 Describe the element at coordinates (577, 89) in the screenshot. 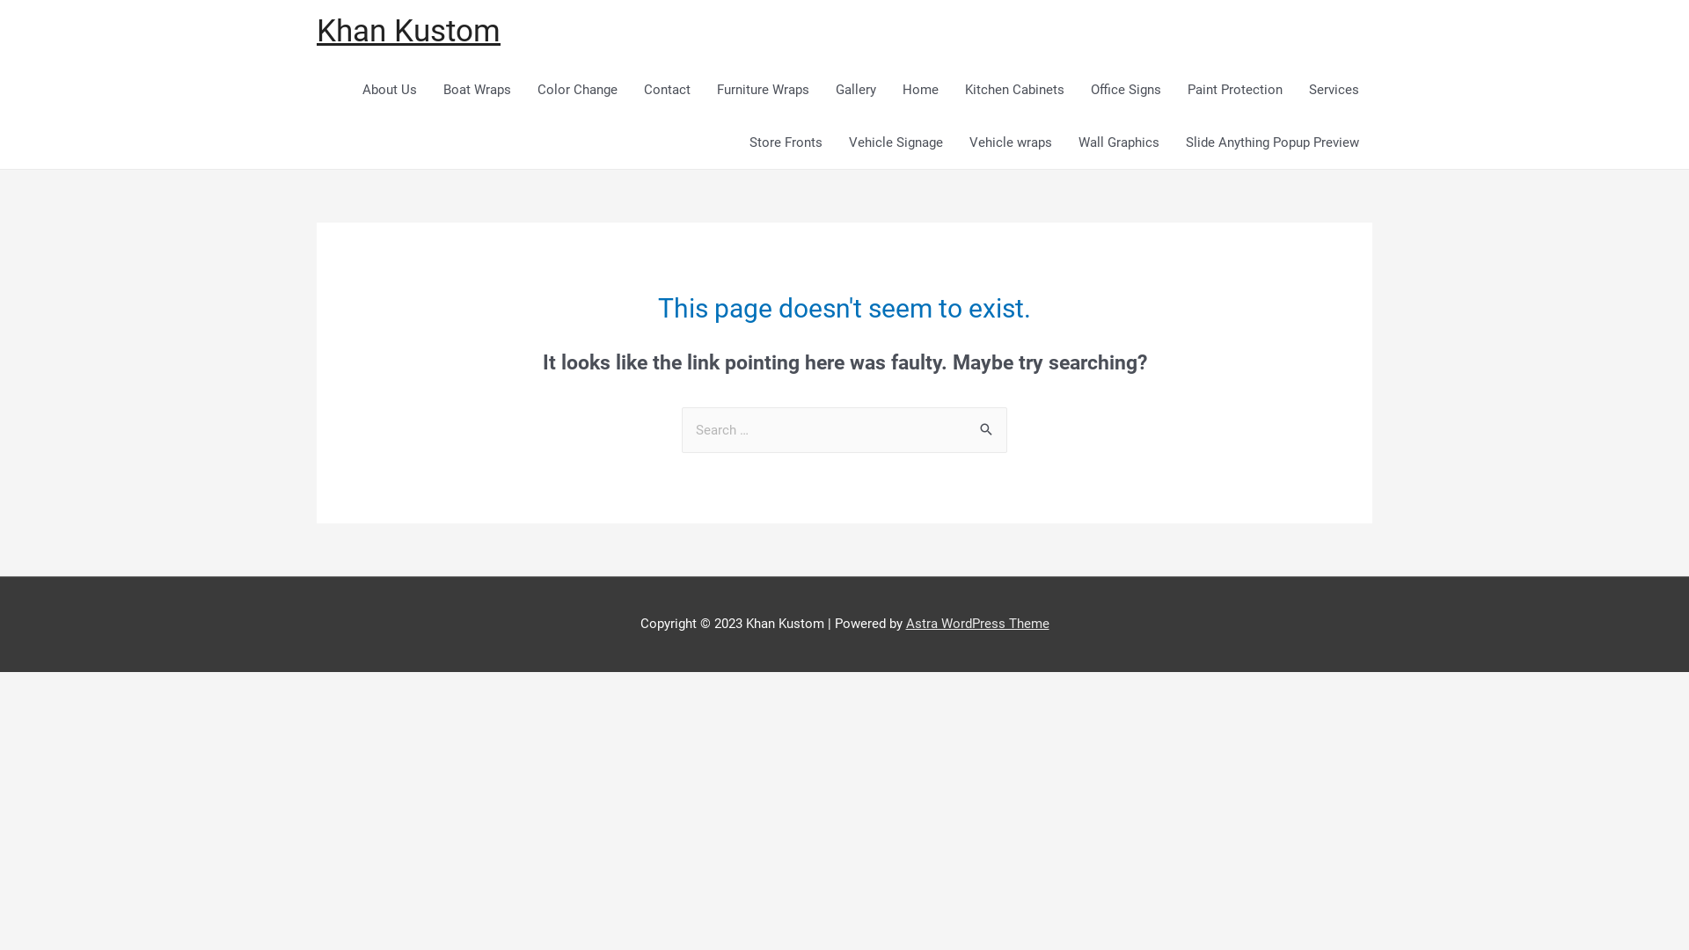

I see `'Color Change'` at that location.